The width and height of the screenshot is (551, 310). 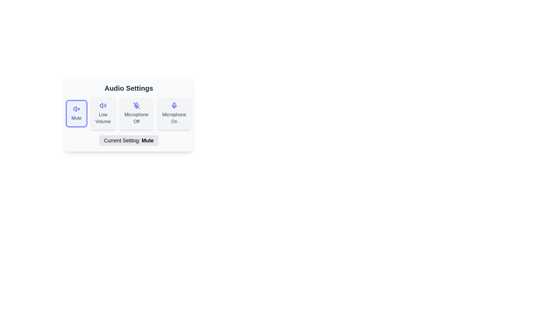 What do you see at coordinates (136, 106) in the screenshot?
I see `the microphone icon within the 'Microphone Off' button, which is centrally positioned among the audio settings buttons` at bounding box center [136, 106].